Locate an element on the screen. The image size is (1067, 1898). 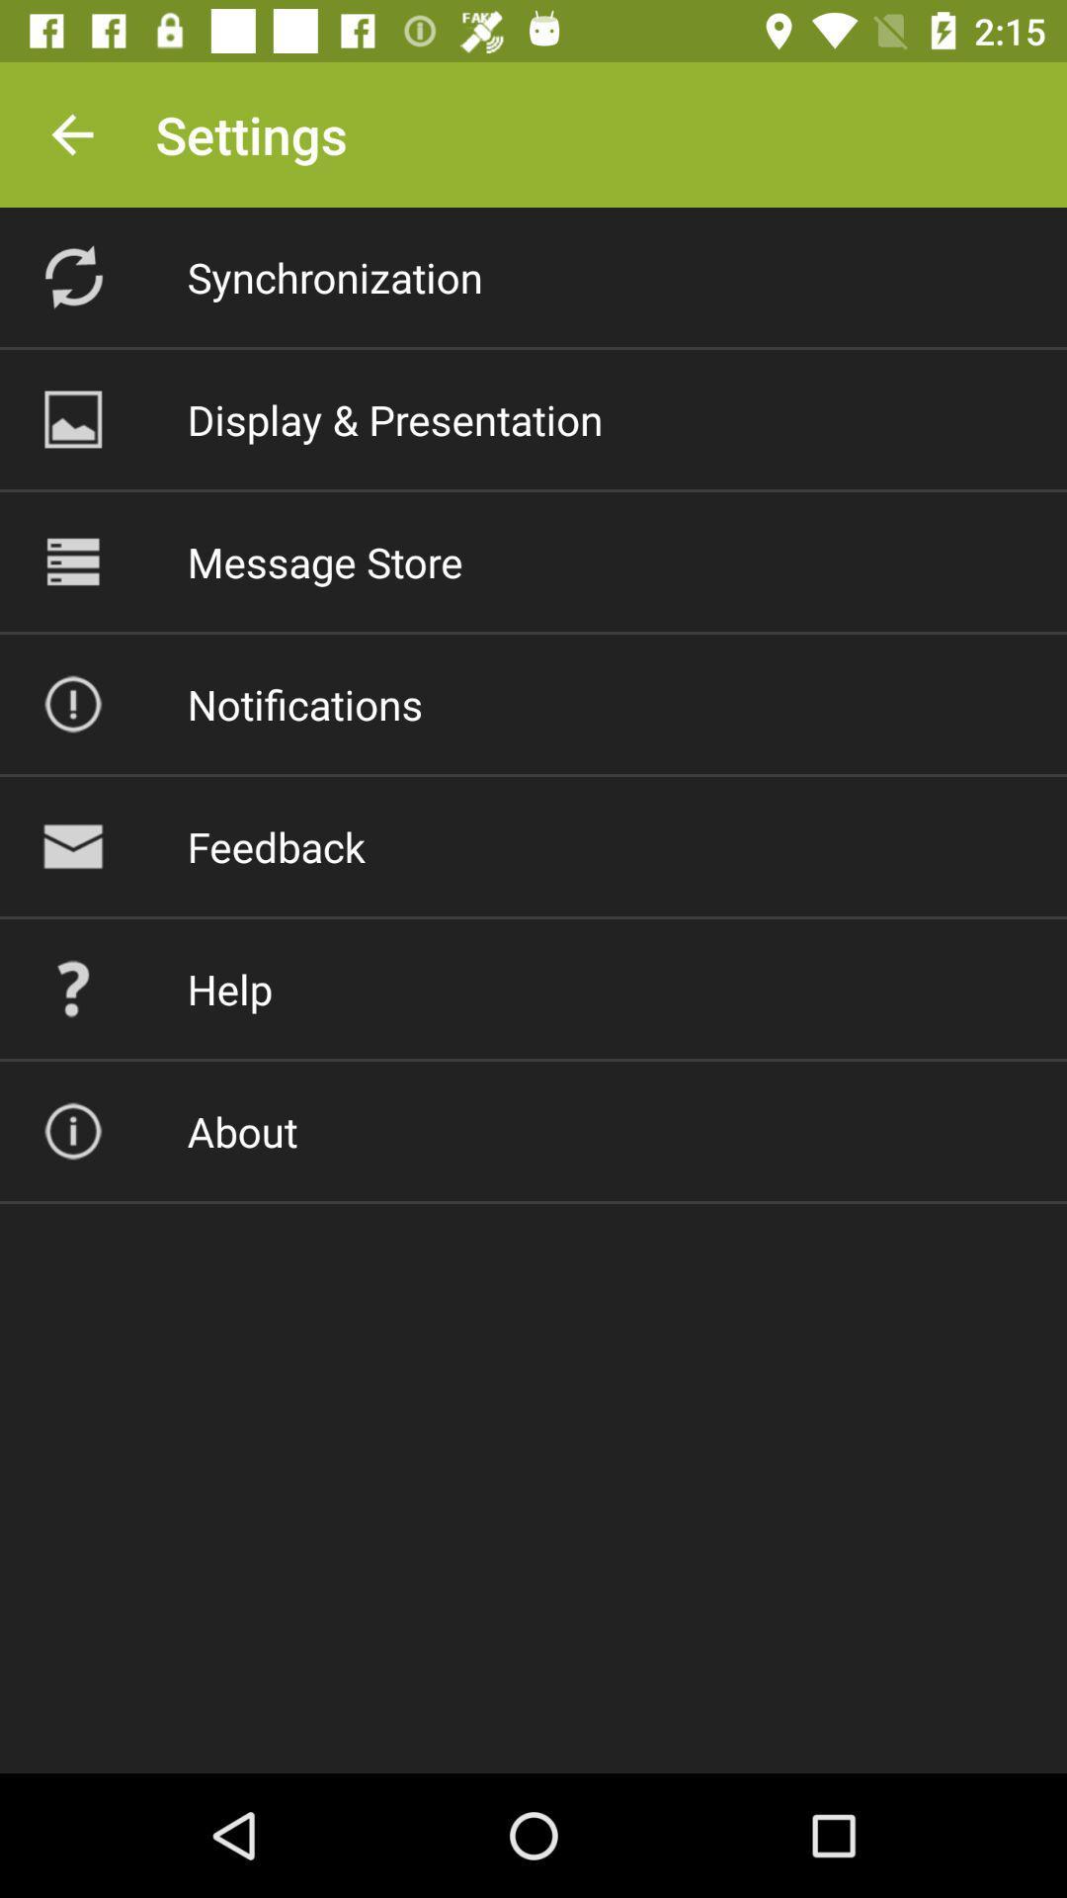
the app to the left of settings is located at coordinates (71, 133).